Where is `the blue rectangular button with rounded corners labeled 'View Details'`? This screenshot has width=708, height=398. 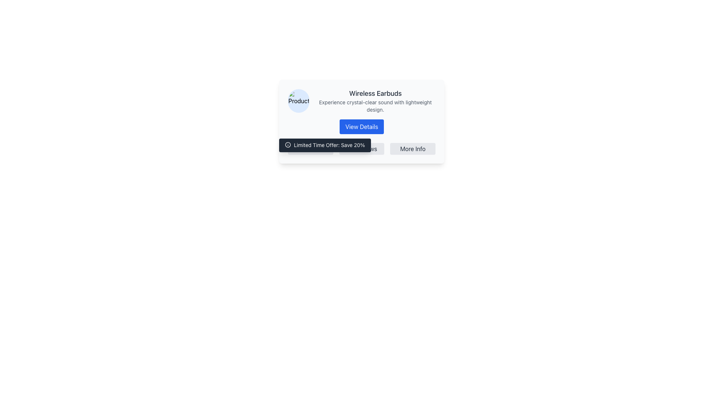
the blue rectangular button with rounded corners labeled 'View Details' is located at coordinates (361, 126).